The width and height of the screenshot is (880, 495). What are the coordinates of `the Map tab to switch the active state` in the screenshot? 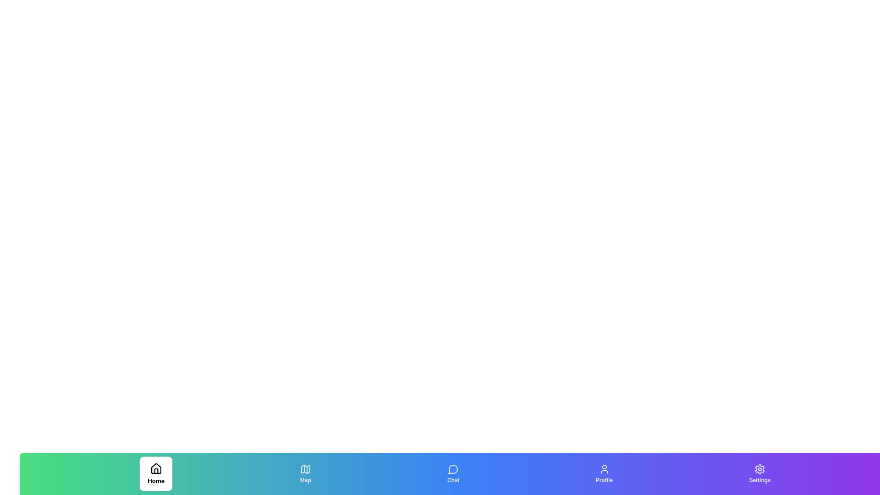 It's located at (305, 473).